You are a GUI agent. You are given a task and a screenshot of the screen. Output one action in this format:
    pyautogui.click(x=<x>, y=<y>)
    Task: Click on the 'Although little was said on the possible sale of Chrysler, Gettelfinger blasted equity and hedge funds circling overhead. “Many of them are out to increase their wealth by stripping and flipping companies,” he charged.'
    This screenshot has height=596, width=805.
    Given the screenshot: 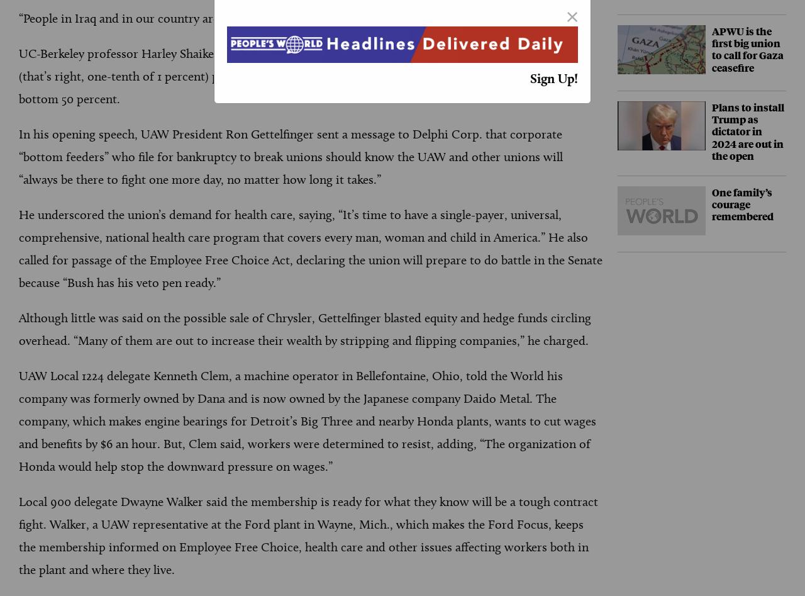 What is the action you would take?
    pyautogui.click(x=304, y=329)
    